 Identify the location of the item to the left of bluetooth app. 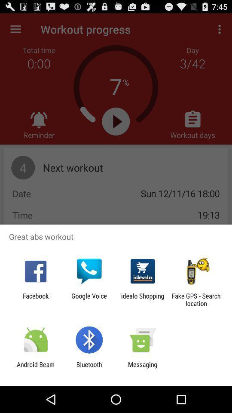
(35, 368).